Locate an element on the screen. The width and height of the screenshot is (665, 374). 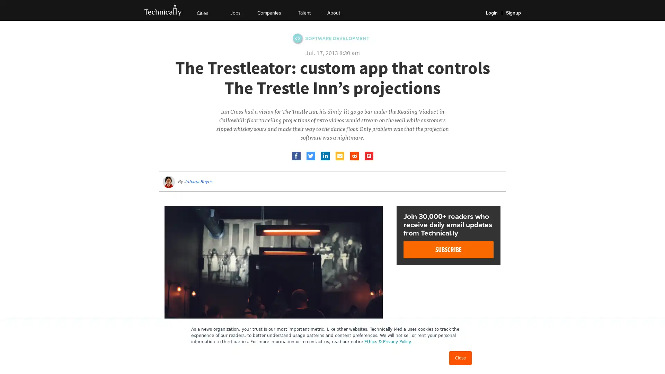
Subscribe is located at coordinates (449, 250).